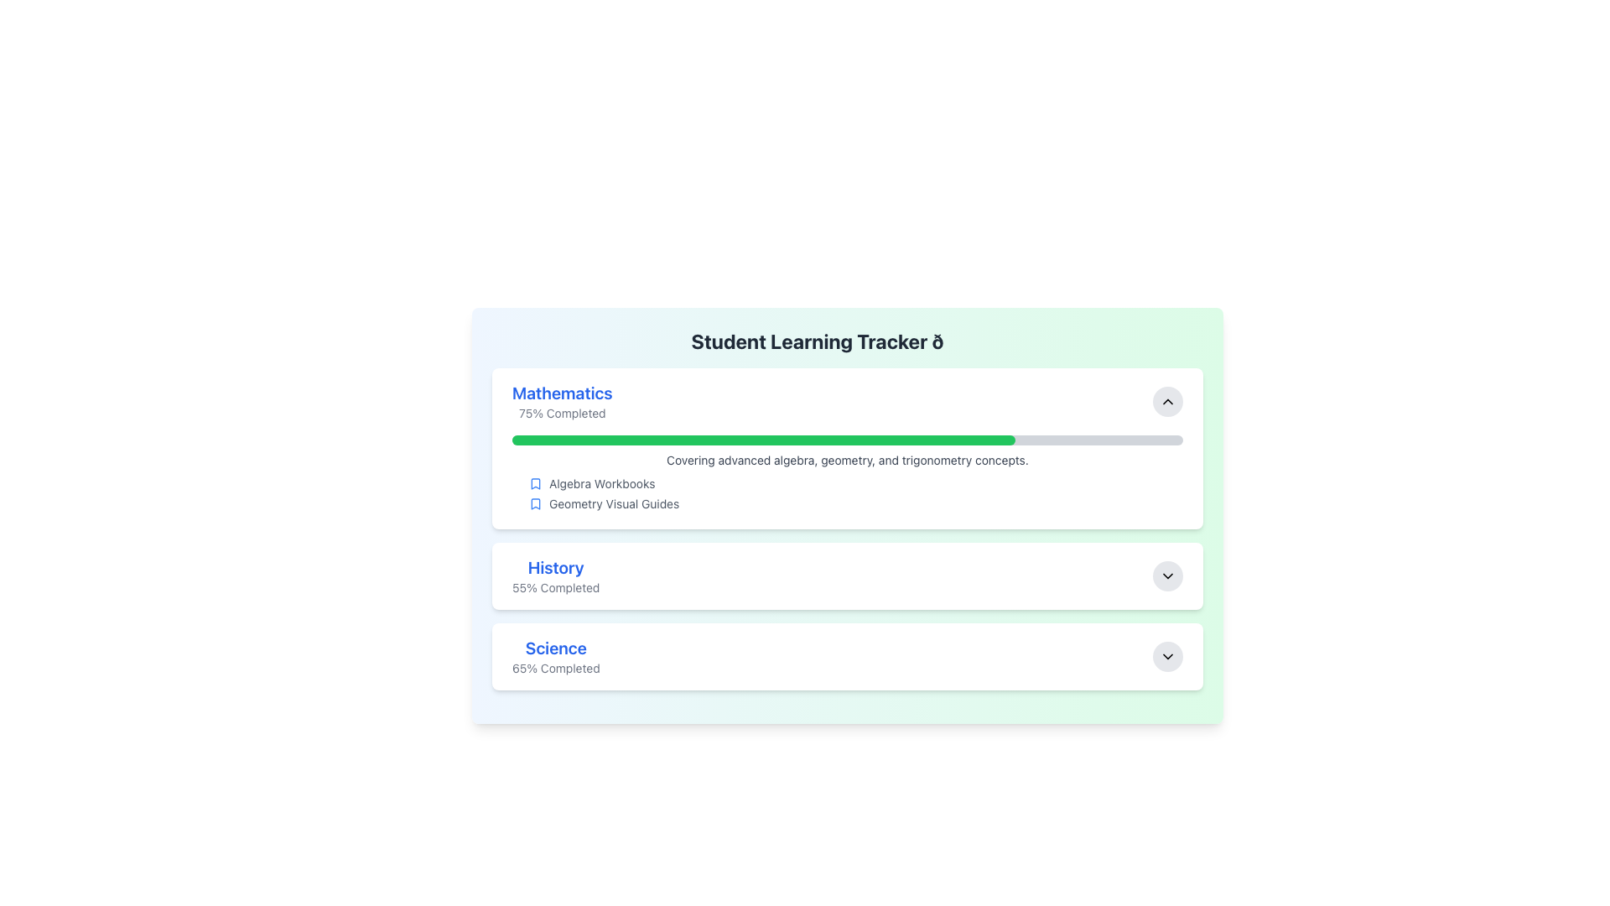  What do you see at coordinates (1166, 575) in the screenshot?
I see `the chevron-down icon located within the circular button on the far right of the 'History' card` at bounding box center [1166, 575].